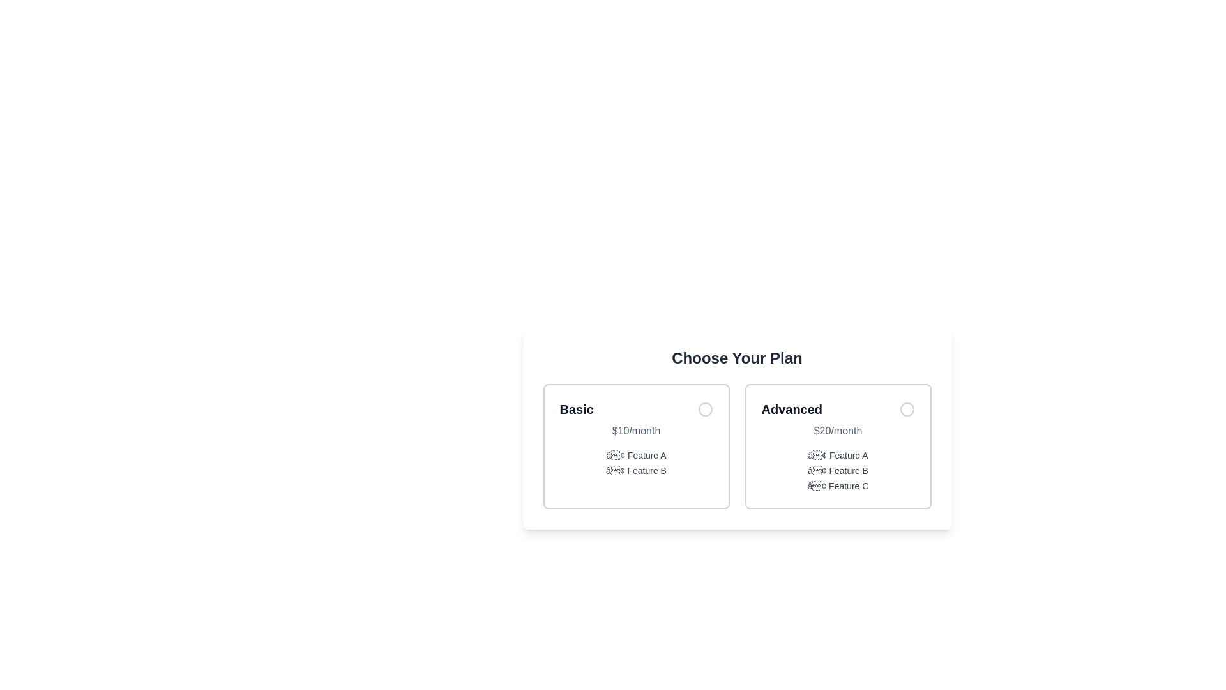  I want to click on the text list that visually lists features or details associated with the 'Advanced' plan, located below the '$20/month' pricing text in the 'Advanced $20/month' card, so click(838, 470).